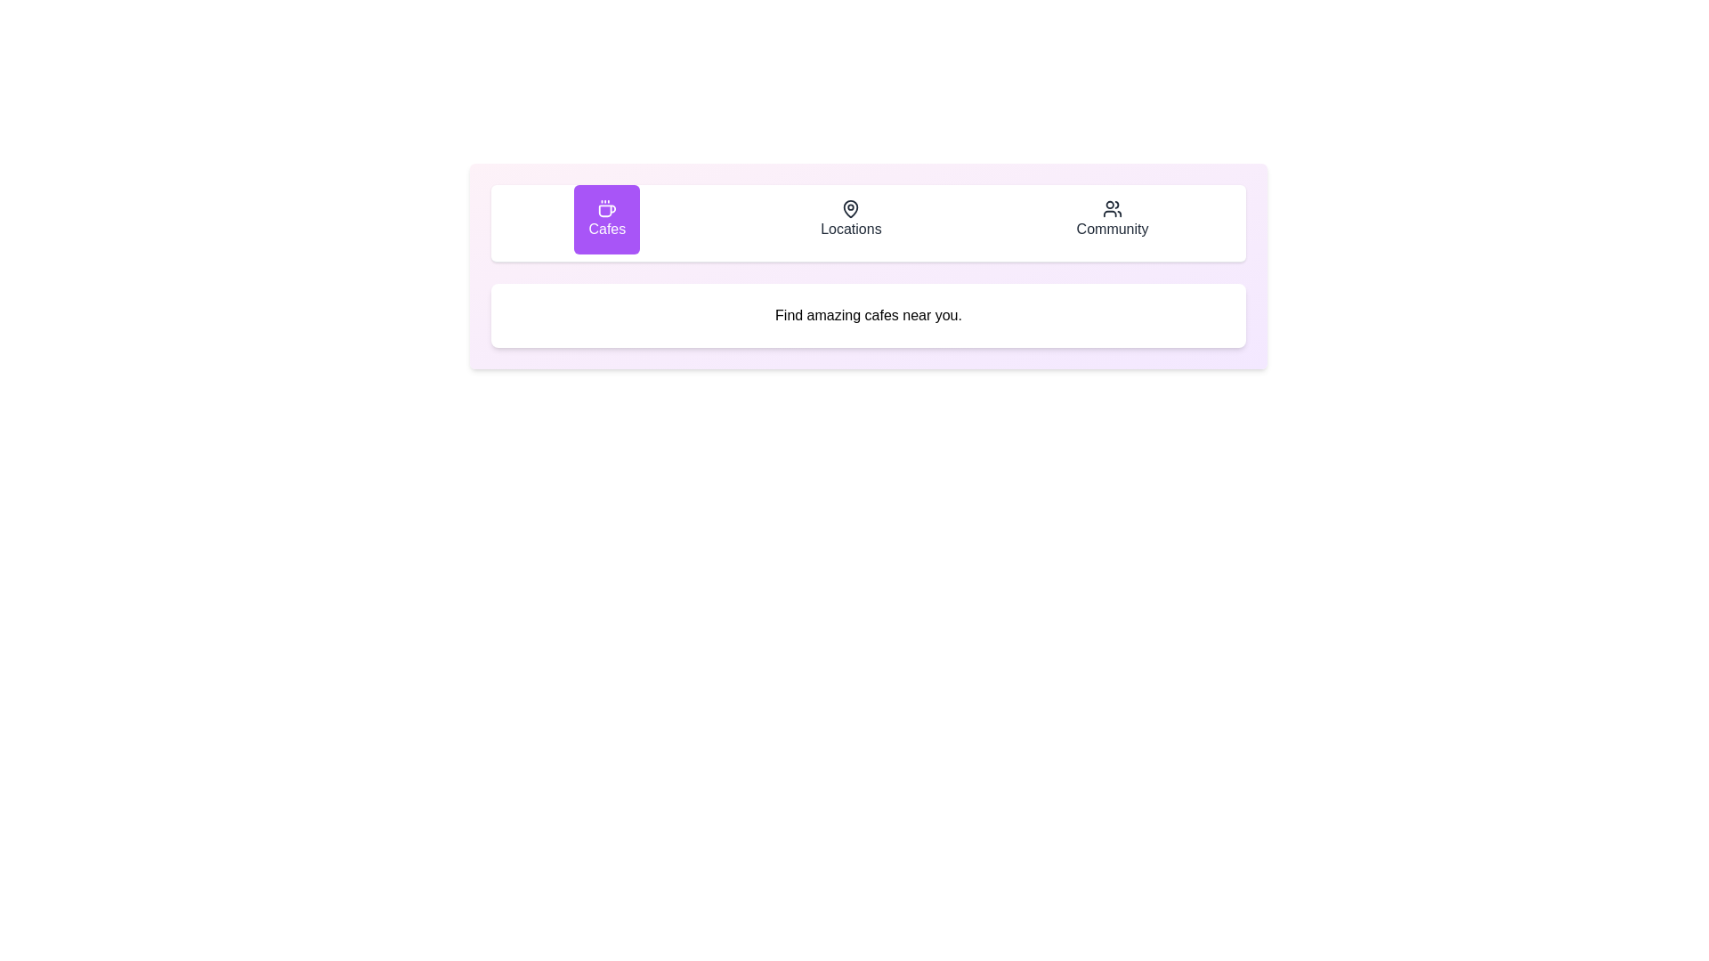  Describe the element at coordinates (1112, 229) in the screenshot. I see `the 'Community' text label, which is part of the horizontal menu and located to the far right after 'Locations'` at that location.